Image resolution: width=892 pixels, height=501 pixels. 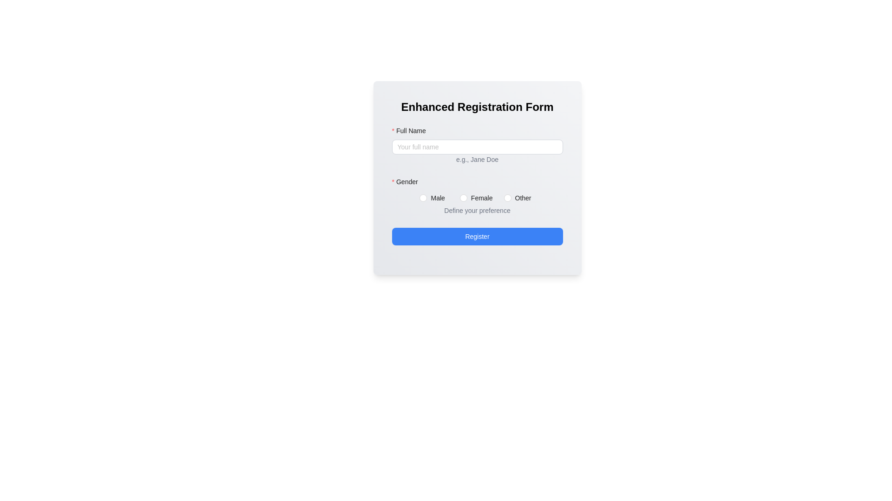 What do you see at coordinates (477, 211) in the screenshot?
I see `the non-interactive text label displaying 'Define your preference', which is located beneath the radio buttons for 'Male', 'Female', and 'Other'` at bounding box center [477, 211].